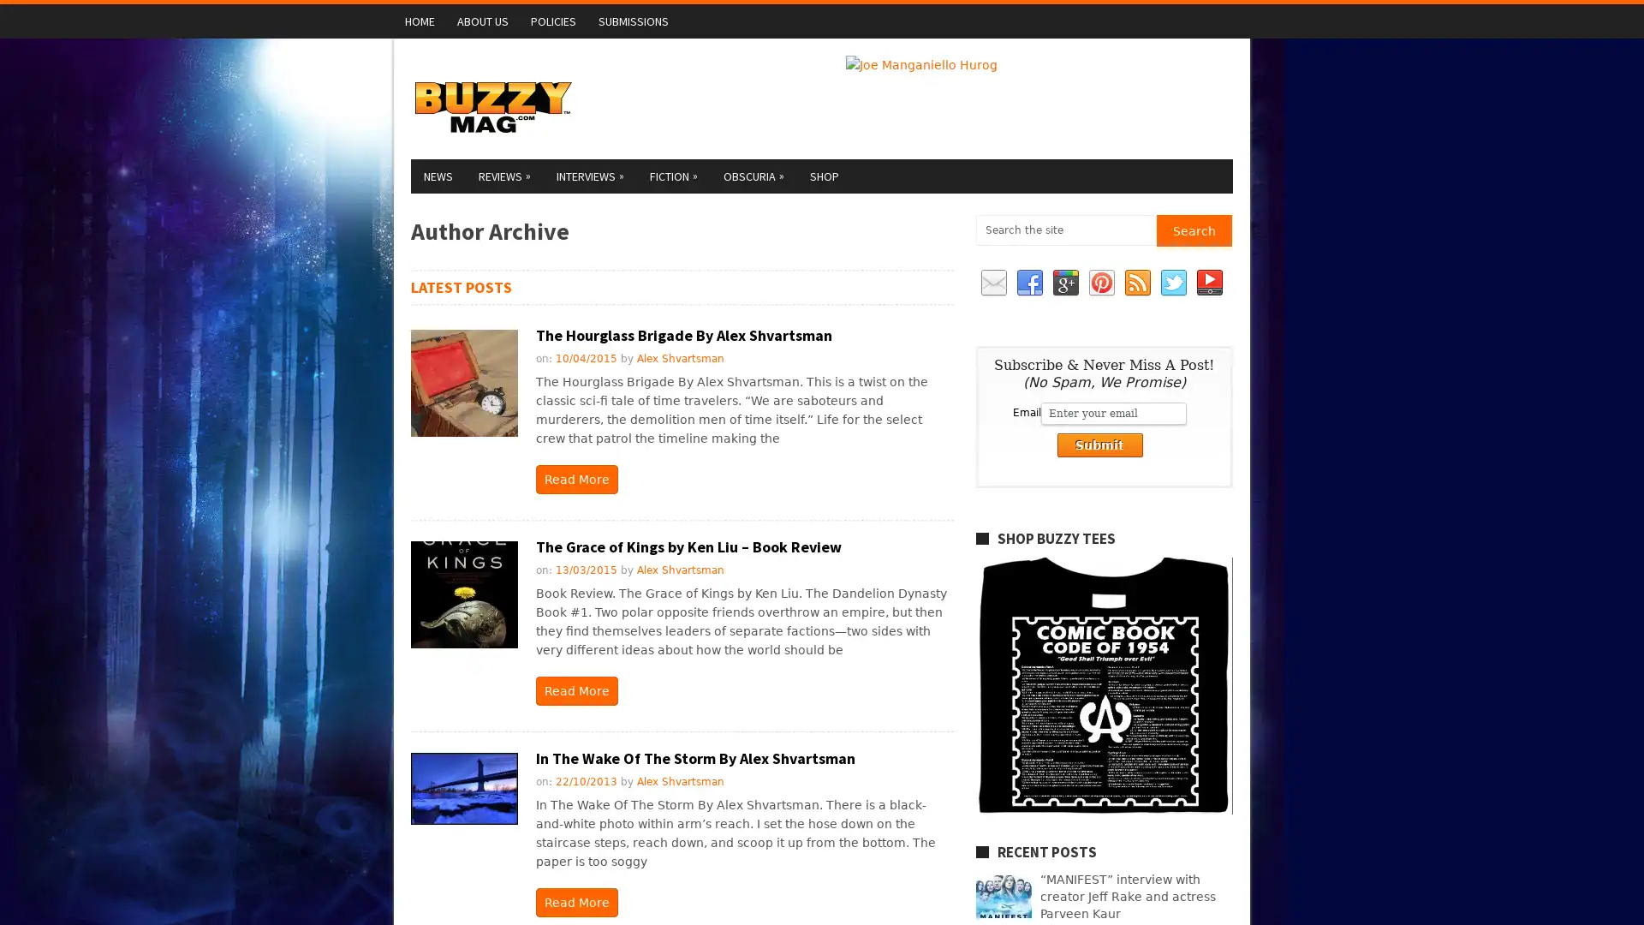  I want to click on Submit, so click(1099, 445).